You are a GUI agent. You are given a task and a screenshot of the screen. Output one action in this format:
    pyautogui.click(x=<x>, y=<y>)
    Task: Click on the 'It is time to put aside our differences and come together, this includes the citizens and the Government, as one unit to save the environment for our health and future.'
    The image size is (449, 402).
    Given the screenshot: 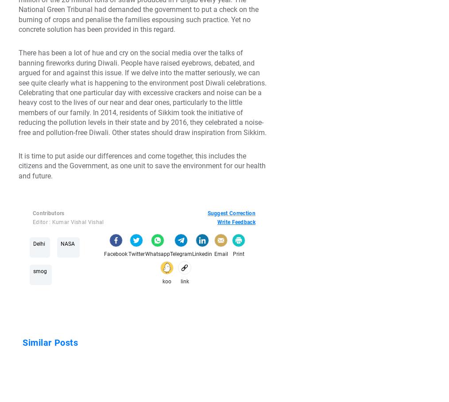 What is the action you would take?
    pyautogui.click(x=142, y=166)
    